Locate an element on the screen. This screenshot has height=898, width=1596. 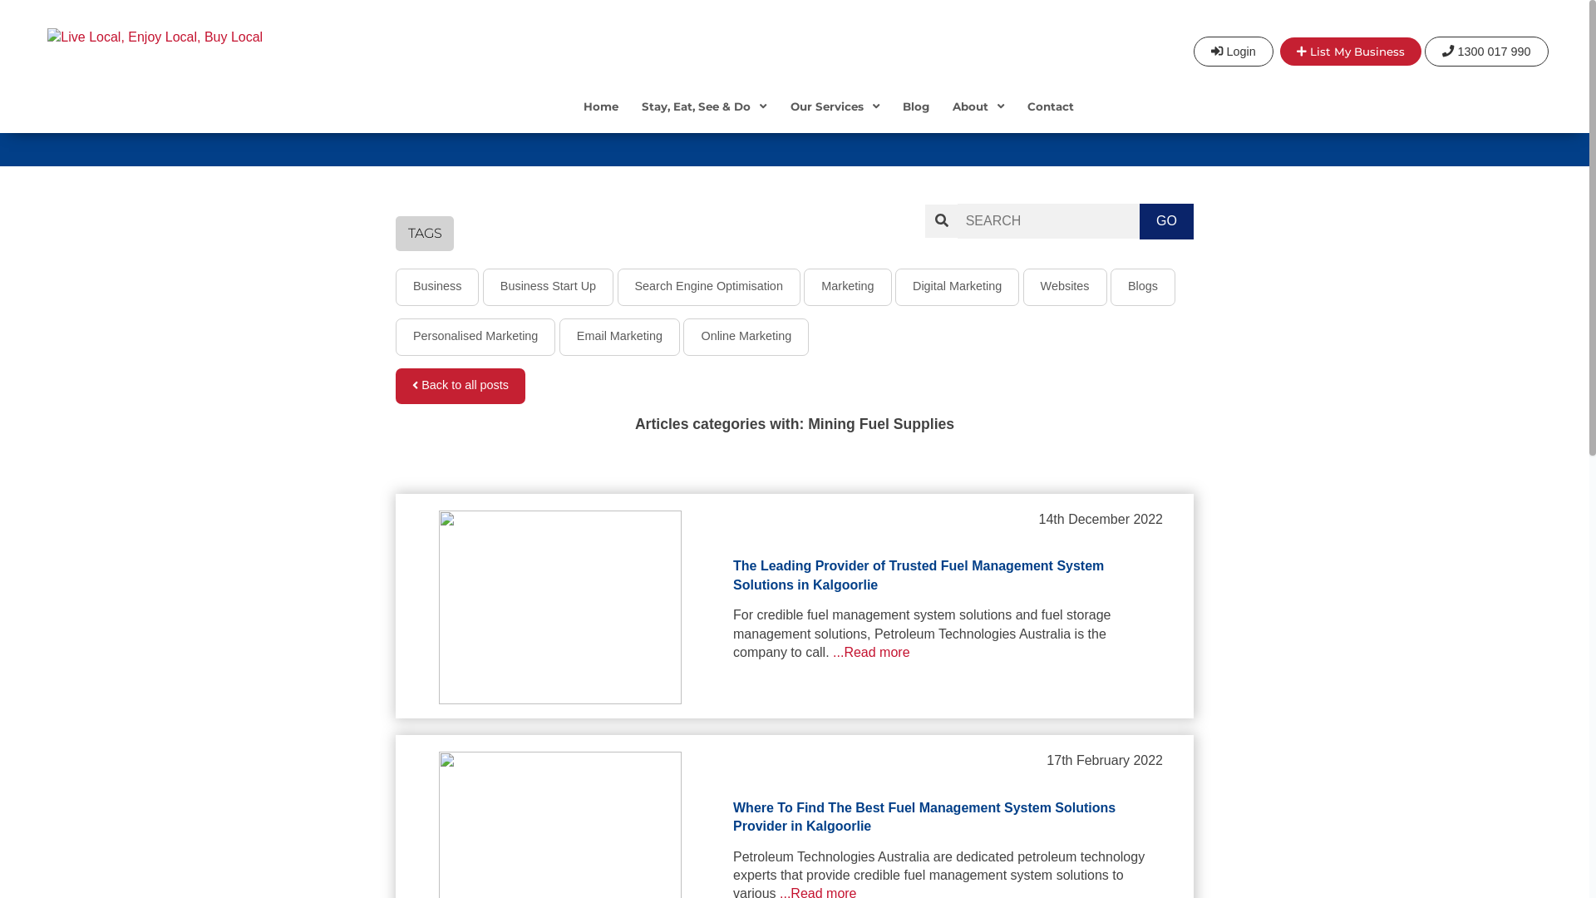
'Personalised Marketing' is located at coordinates (474, 337).